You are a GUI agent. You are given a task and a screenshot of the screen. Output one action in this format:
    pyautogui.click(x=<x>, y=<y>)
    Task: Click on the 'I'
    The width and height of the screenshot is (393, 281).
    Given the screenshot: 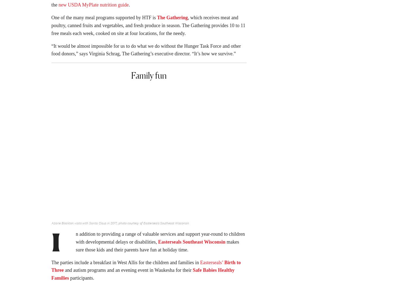 What is the action you would take?
    pyautogui.click(x=55, y=244)
    